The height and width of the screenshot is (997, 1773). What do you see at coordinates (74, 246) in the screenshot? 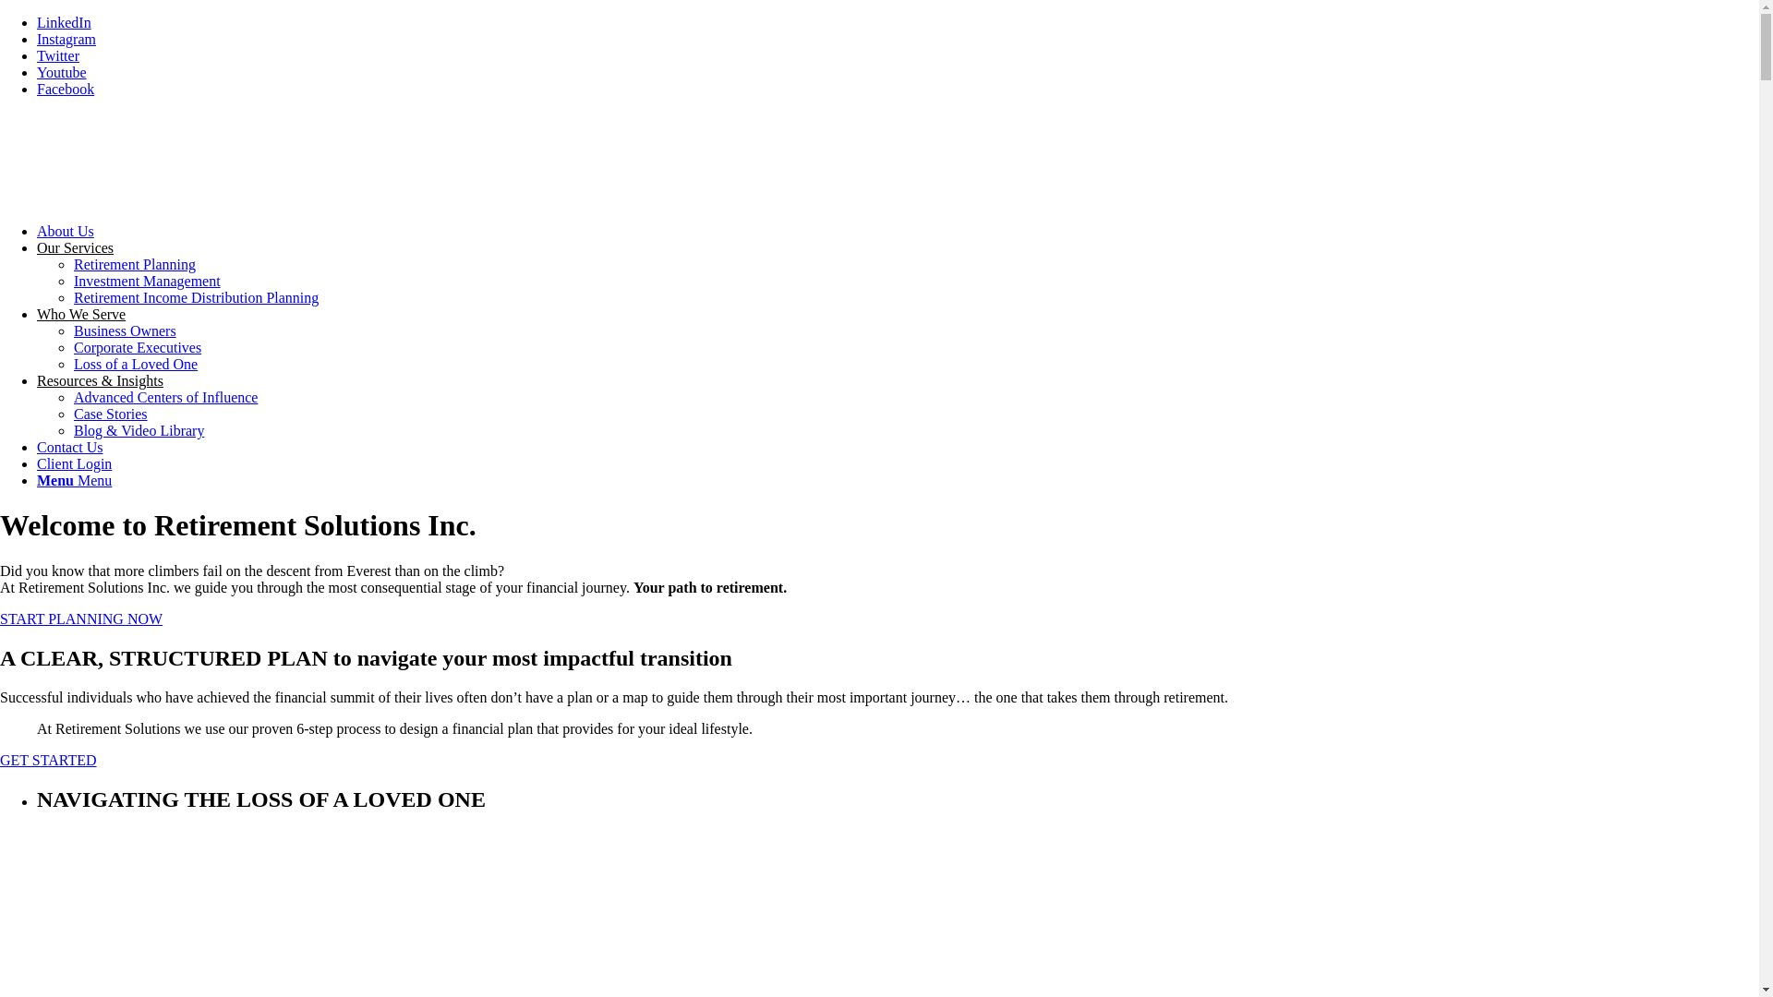
I see `'Our Services'` at bounding box center [74, 246].